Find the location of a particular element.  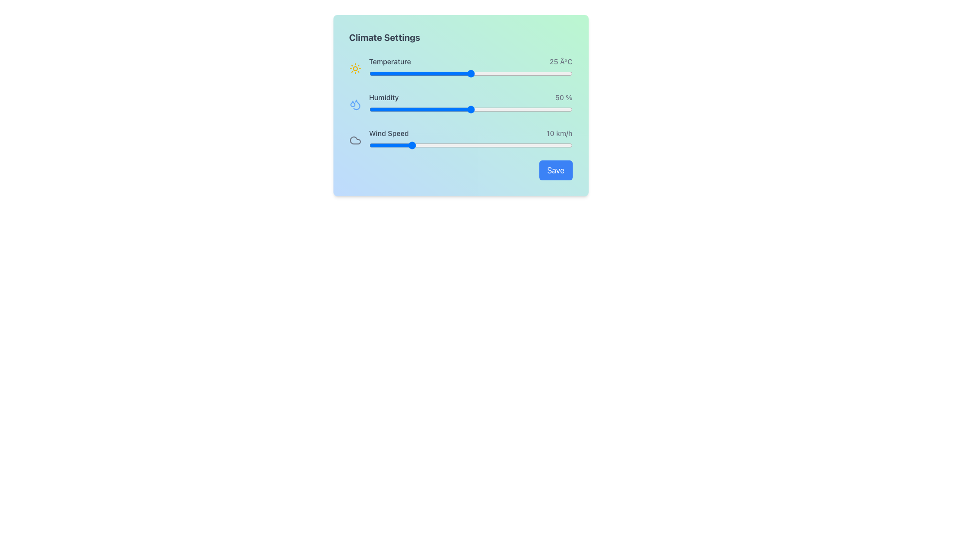

humidity is located at coordinates (408, 109).